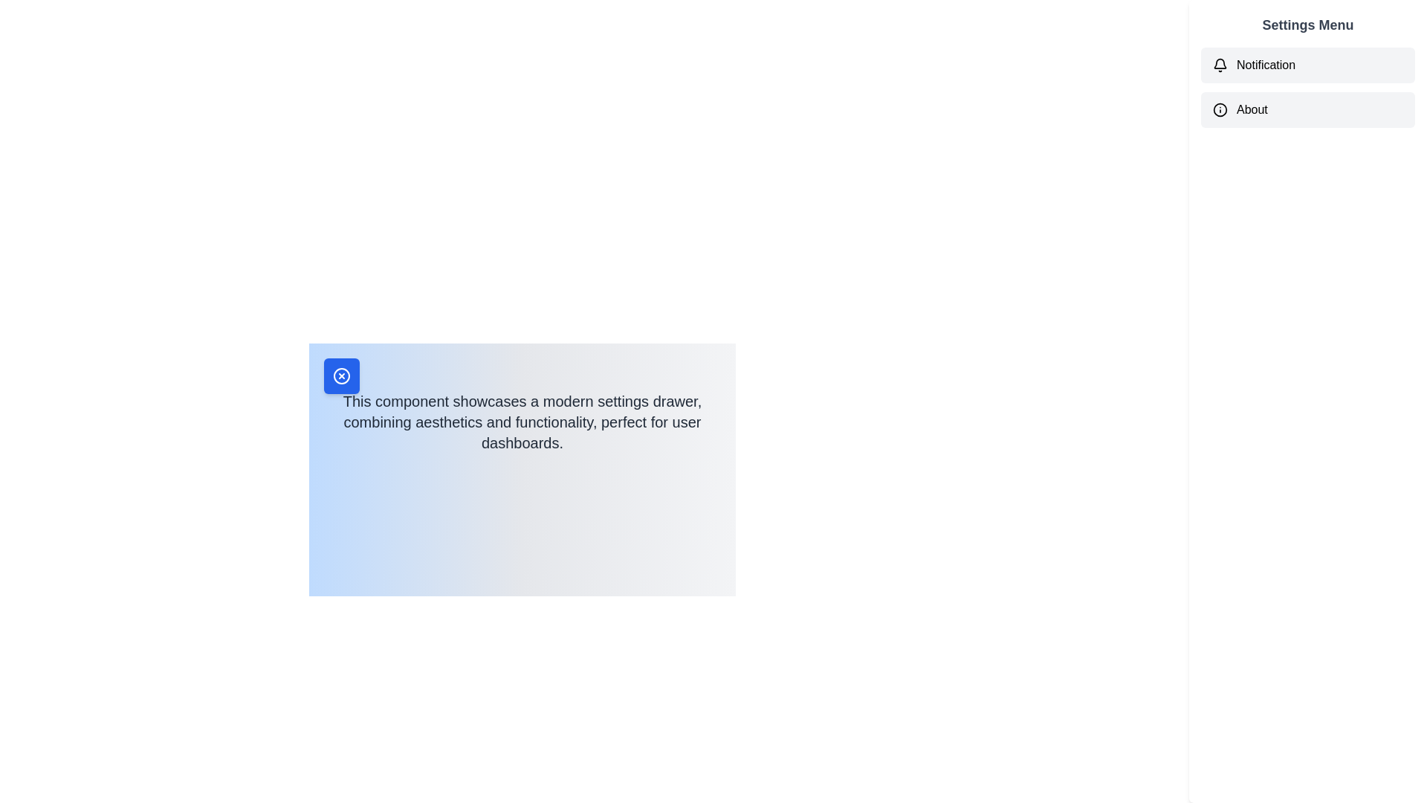 Image resolution: width=1427 pixels, height=803 pixels. I want to click on the bell icon used for notifications located in the 'Notification' section of the settings menu, positioned to the left of the text label 'Notification', so click(1220, 65).